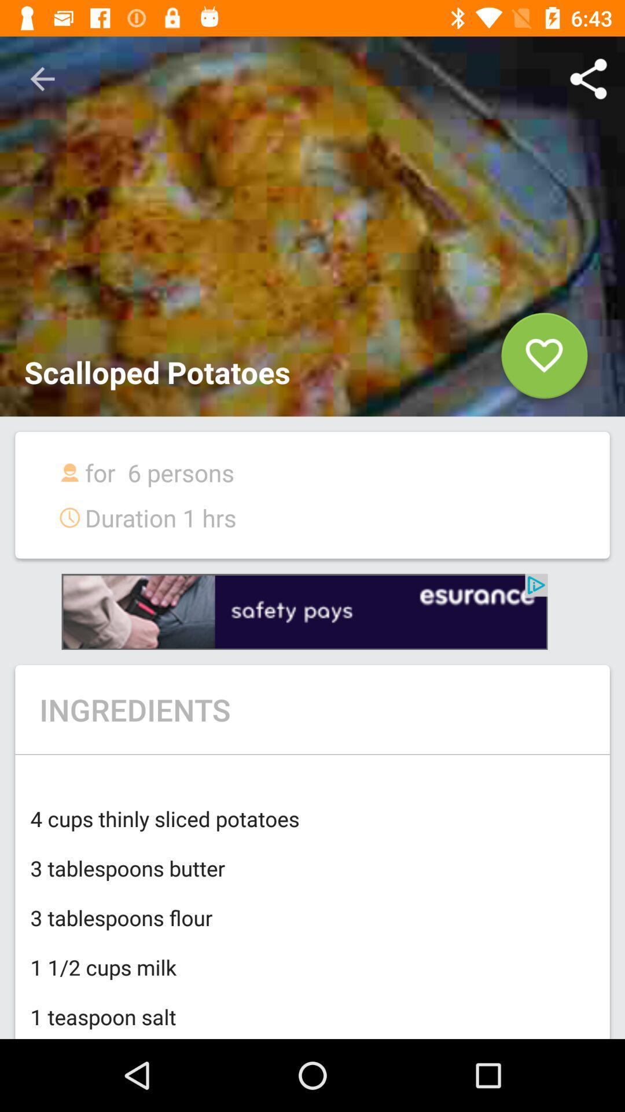  Describe the element at coordinates (544, 360) in the screenshot. I see `like button` at that location.